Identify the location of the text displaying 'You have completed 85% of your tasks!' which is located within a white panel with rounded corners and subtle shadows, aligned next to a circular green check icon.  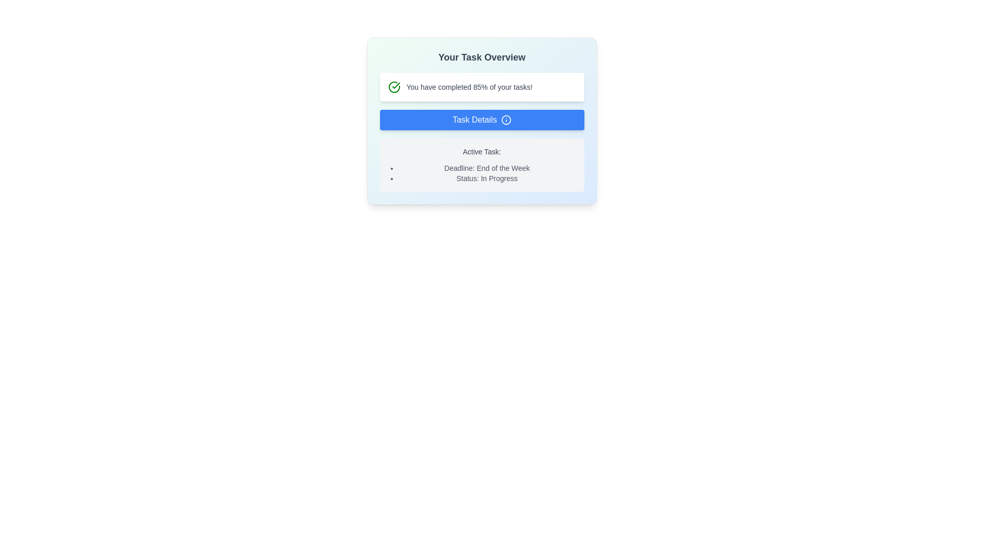
(469, 86).